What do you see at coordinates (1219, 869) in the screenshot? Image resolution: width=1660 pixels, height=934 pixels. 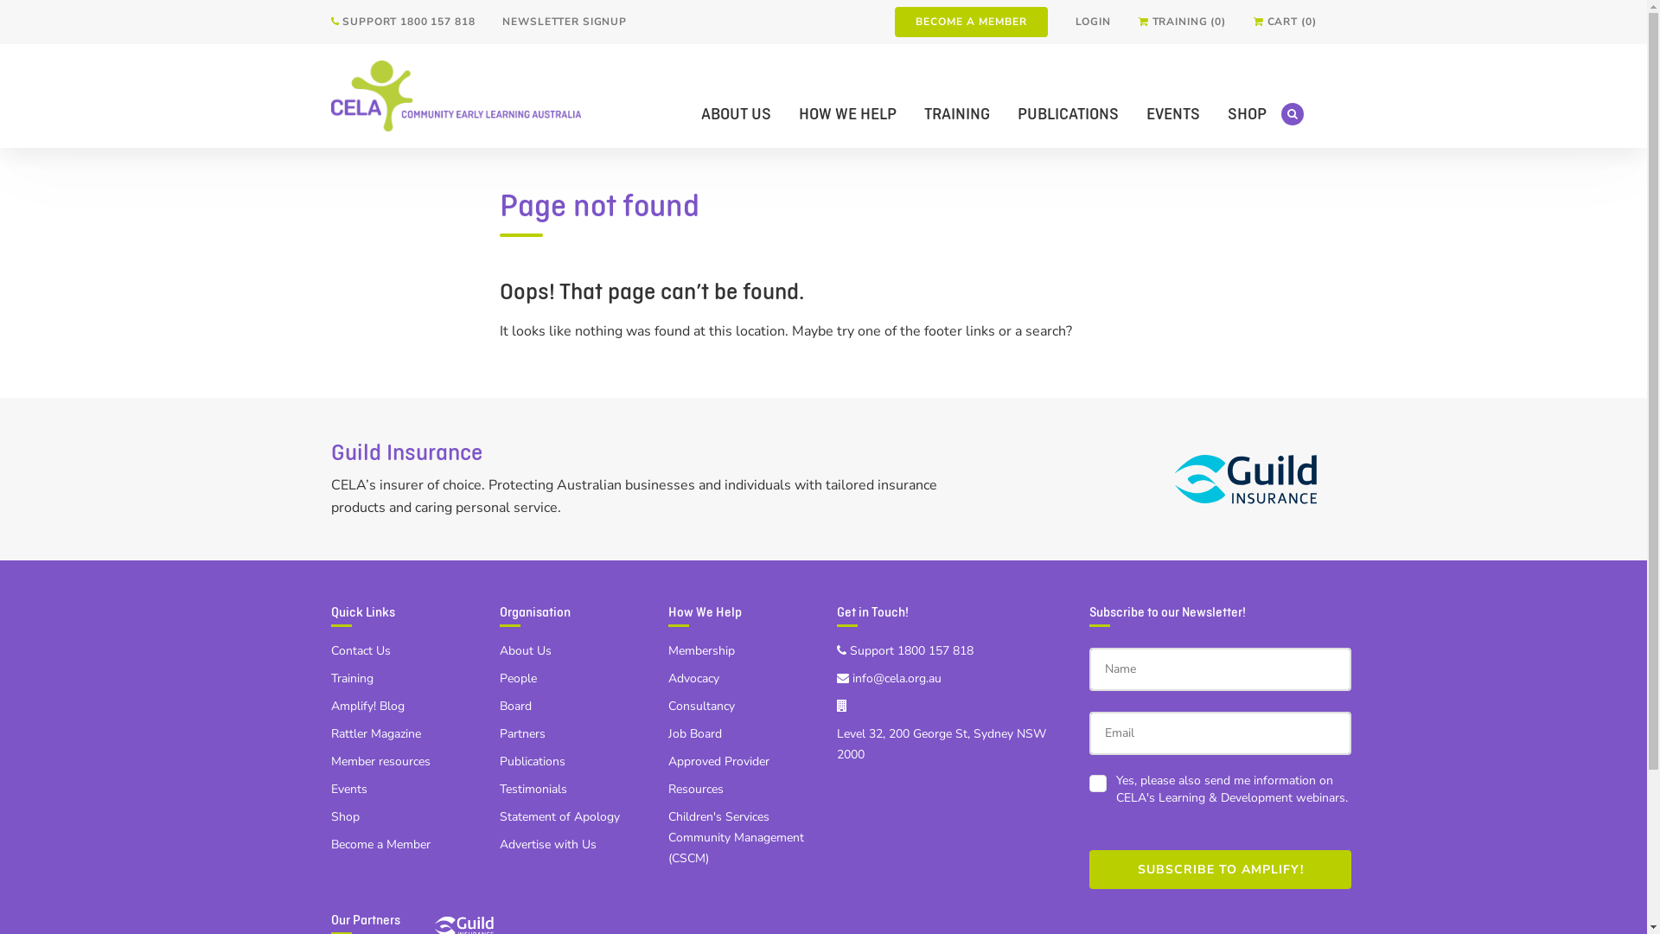 I see `'Subscribe to Amplify!'` at bounding box center [1219, 869].